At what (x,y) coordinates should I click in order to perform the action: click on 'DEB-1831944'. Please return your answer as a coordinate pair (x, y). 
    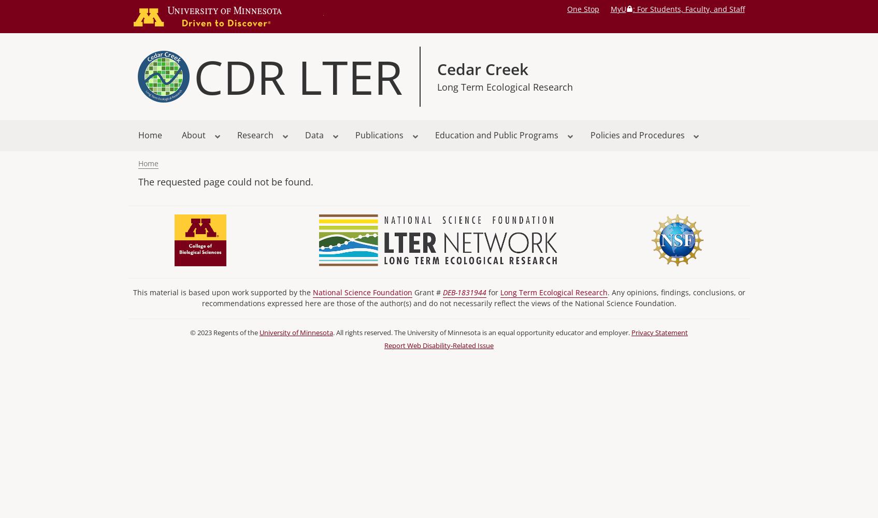
    Looking at the image, I should click on (463, 292).